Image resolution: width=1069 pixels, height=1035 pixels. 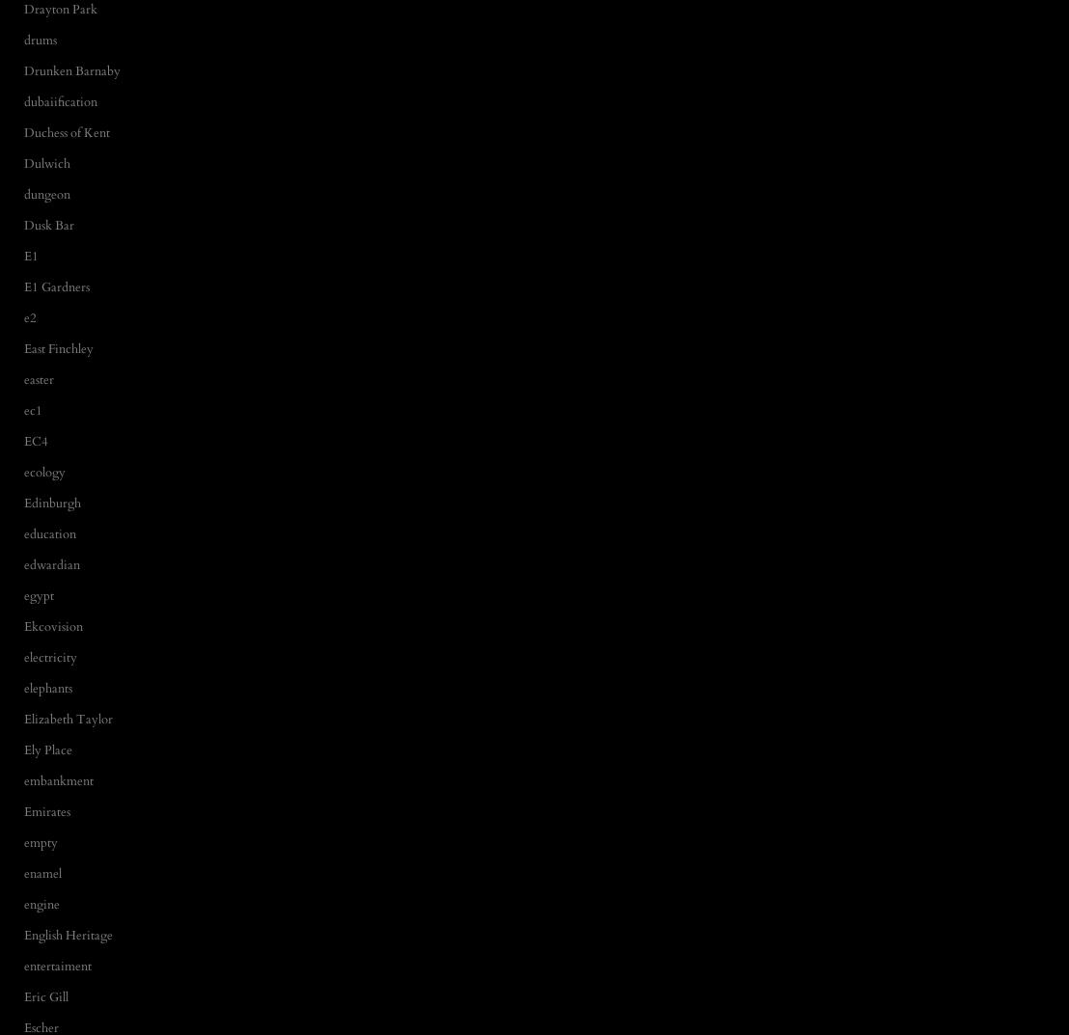 I want to click on 'Drunken Barnaby', so click(x=71, y=69).